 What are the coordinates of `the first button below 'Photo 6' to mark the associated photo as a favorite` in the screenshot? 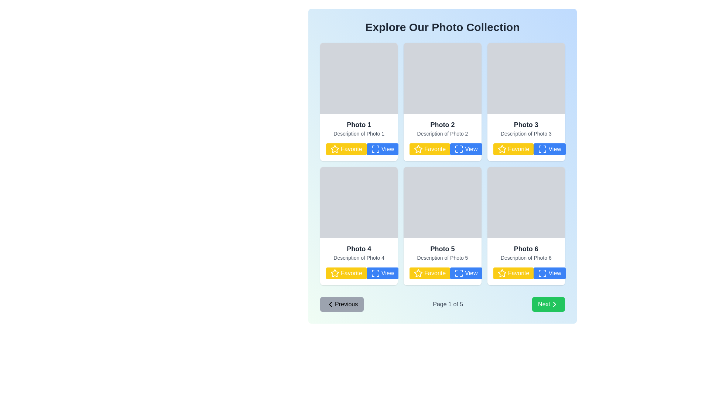 It's located at (525, 273).